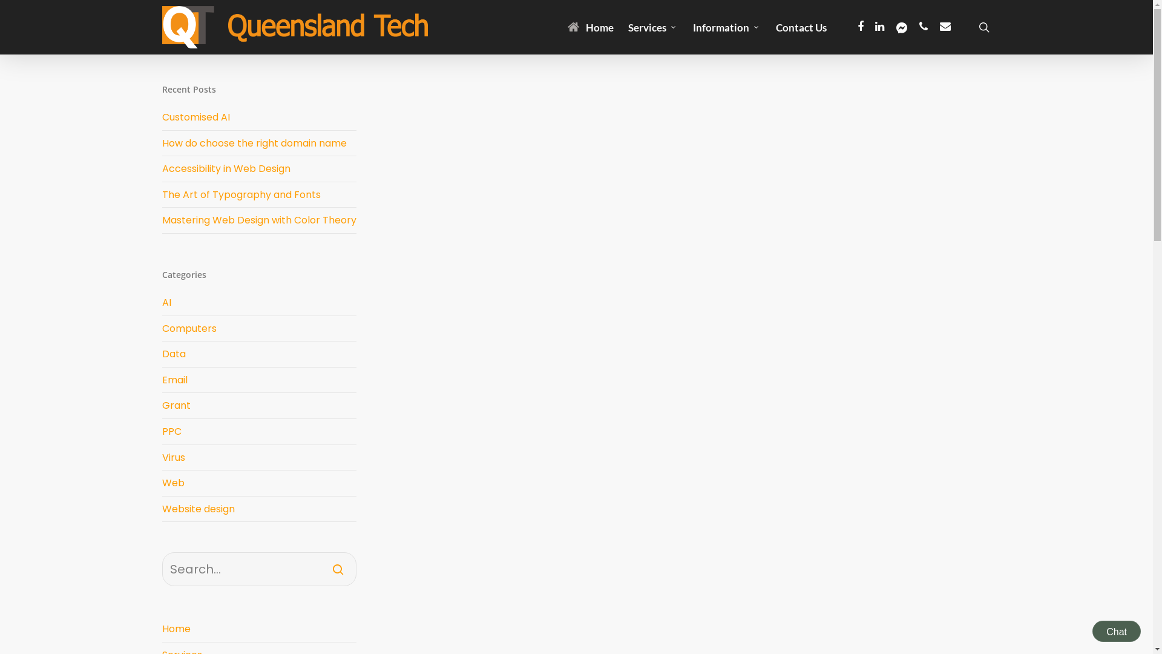 This screenshot has height=654, width=1162. Describe the element at coordinates (241, 194) in the screenshot. I see `'The Art of Typography and Fonts'` at that location.